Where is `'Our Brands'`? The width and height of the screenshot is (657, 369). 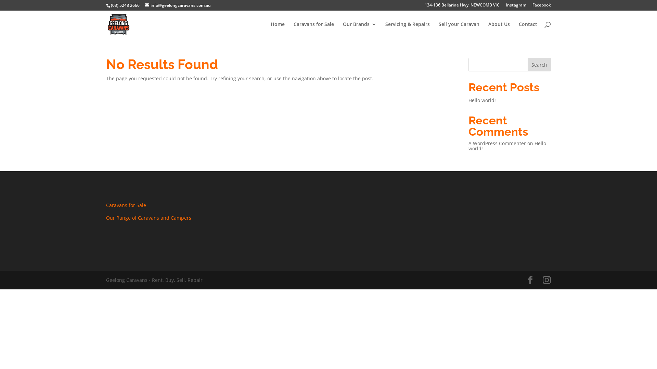 'Our Brands' is located at coordinates (359, 29).